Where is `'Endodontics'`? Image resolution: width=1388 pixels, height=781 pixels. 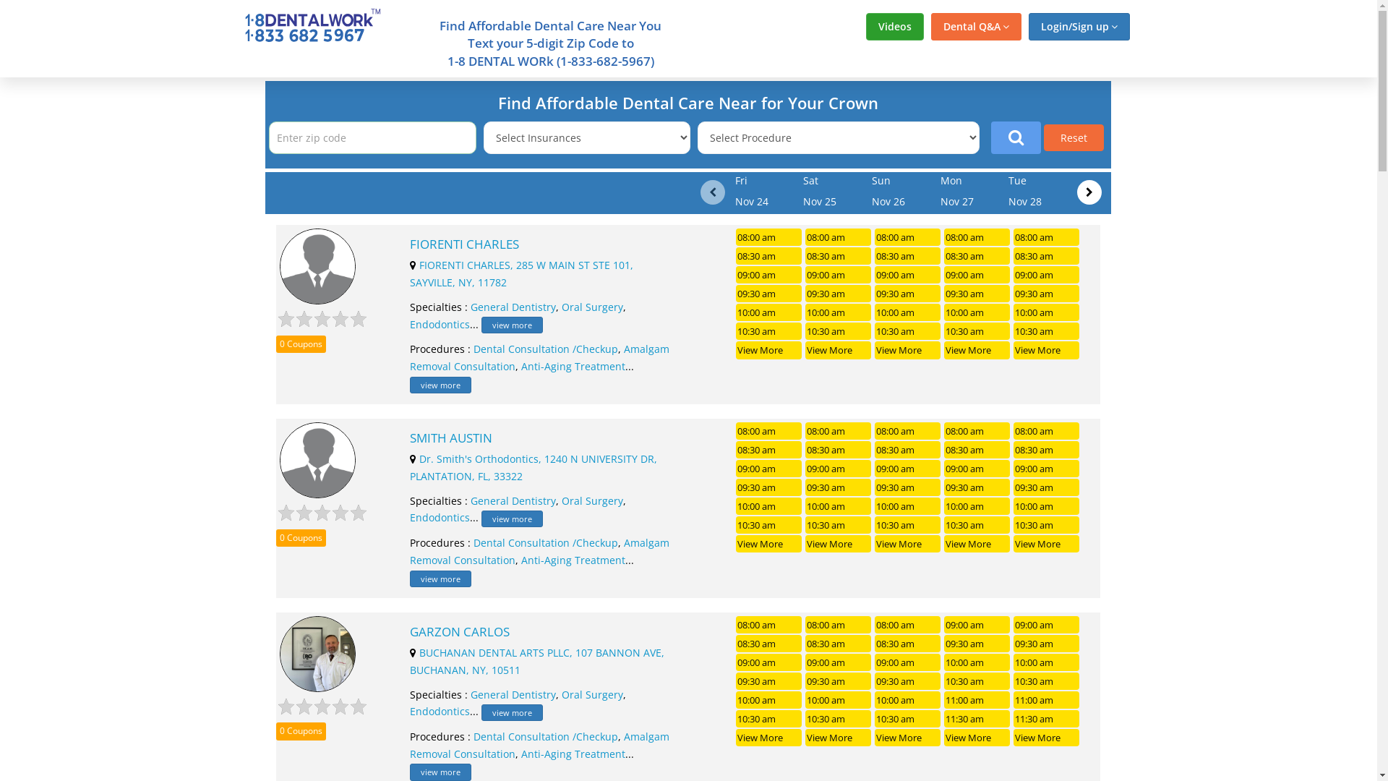 'Endodontics' is located at coordinates (408, 710).